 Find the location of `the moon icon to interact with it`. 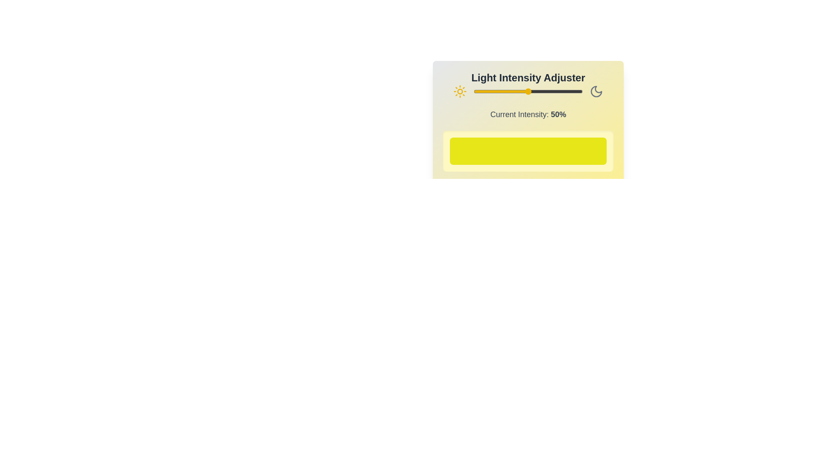

the moon icon to interact with it is located at coordinates (596, 92).